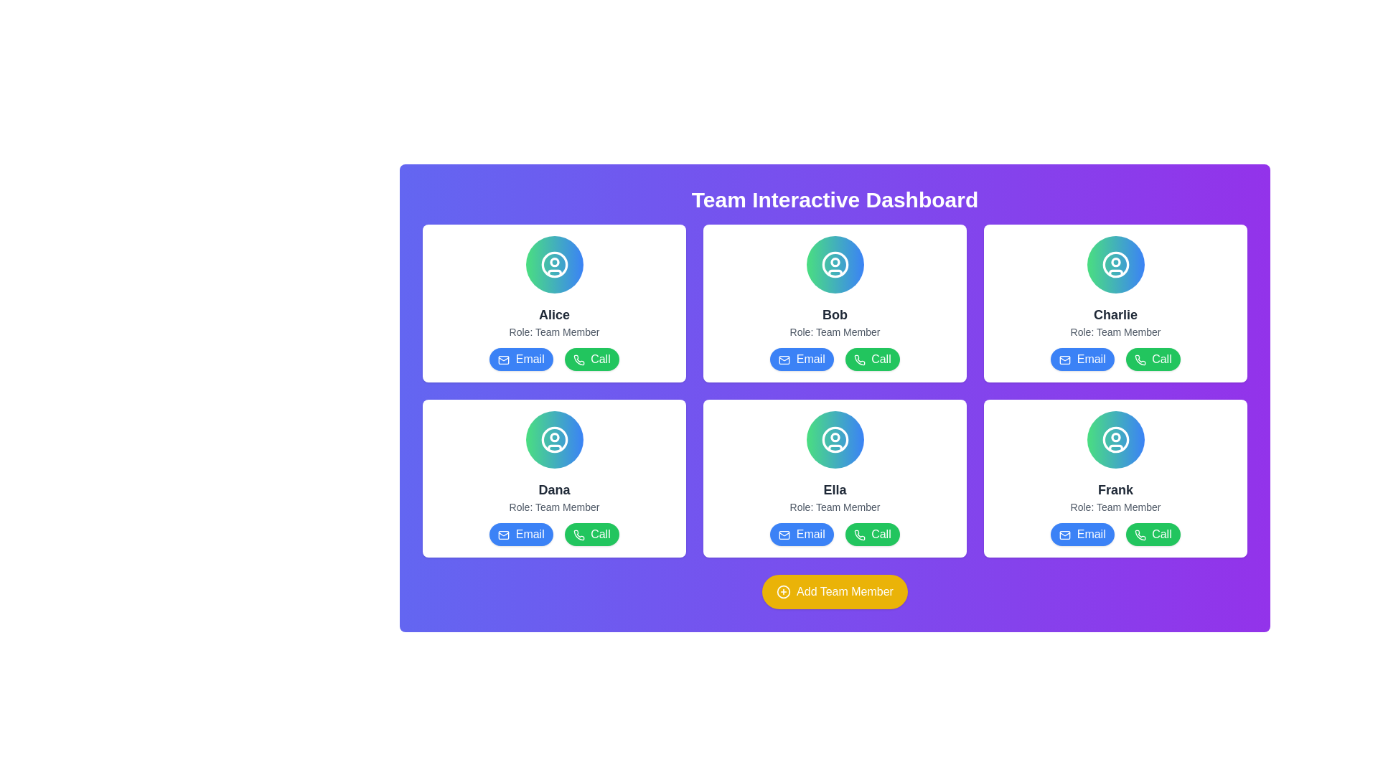 This screenshot has width=1378, height=775. What do you see at coordinates (1115, 265) in the screenshot?
I see `the central circular component of the user avatar for the profile labeled 'Charlie' located in the top-right section of the dashboard's grid layout` at bounding box center [1115, 265].